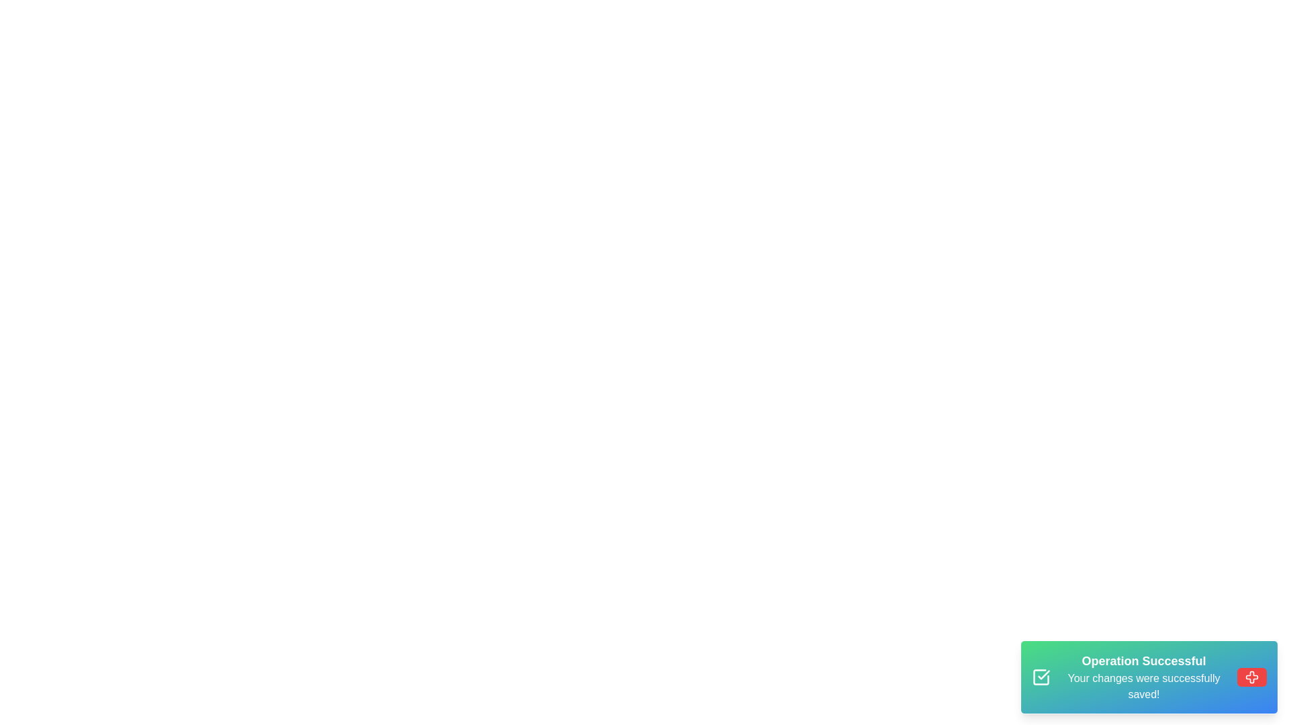 The image size is (1289, 725). I want to click on the close button to dismiss the notification, so click(1251, 677).